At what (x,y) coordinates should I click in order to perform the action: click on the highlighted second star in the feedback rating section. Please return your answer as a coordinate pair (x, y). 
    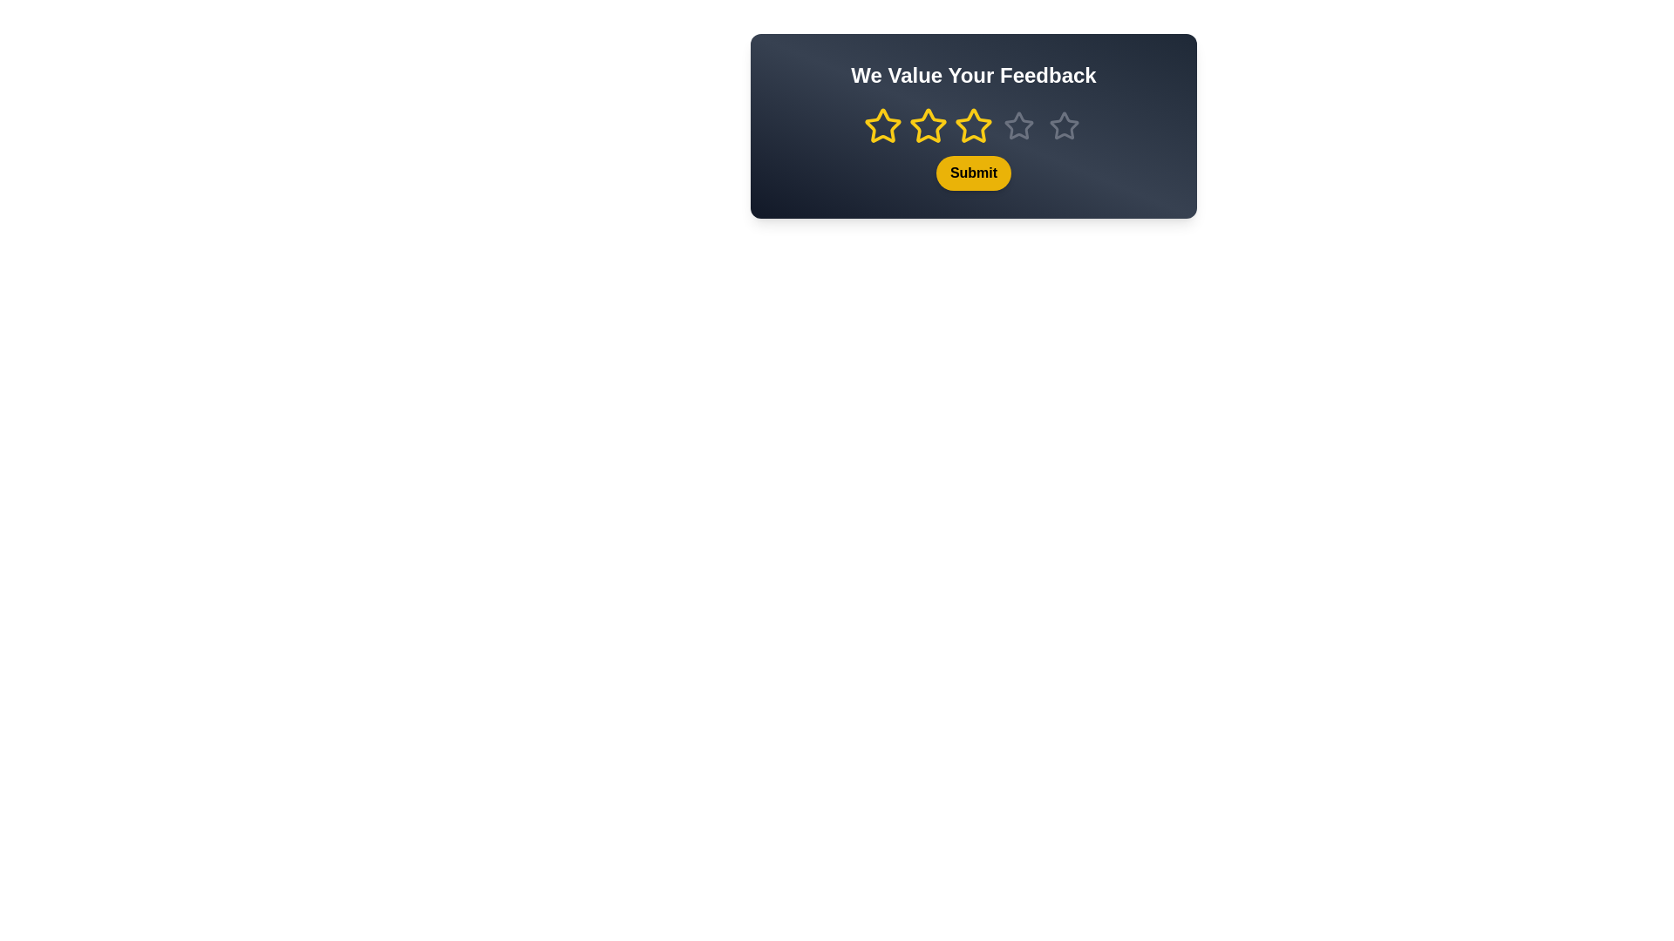
    Looking at the image, I should click on (973, 125).